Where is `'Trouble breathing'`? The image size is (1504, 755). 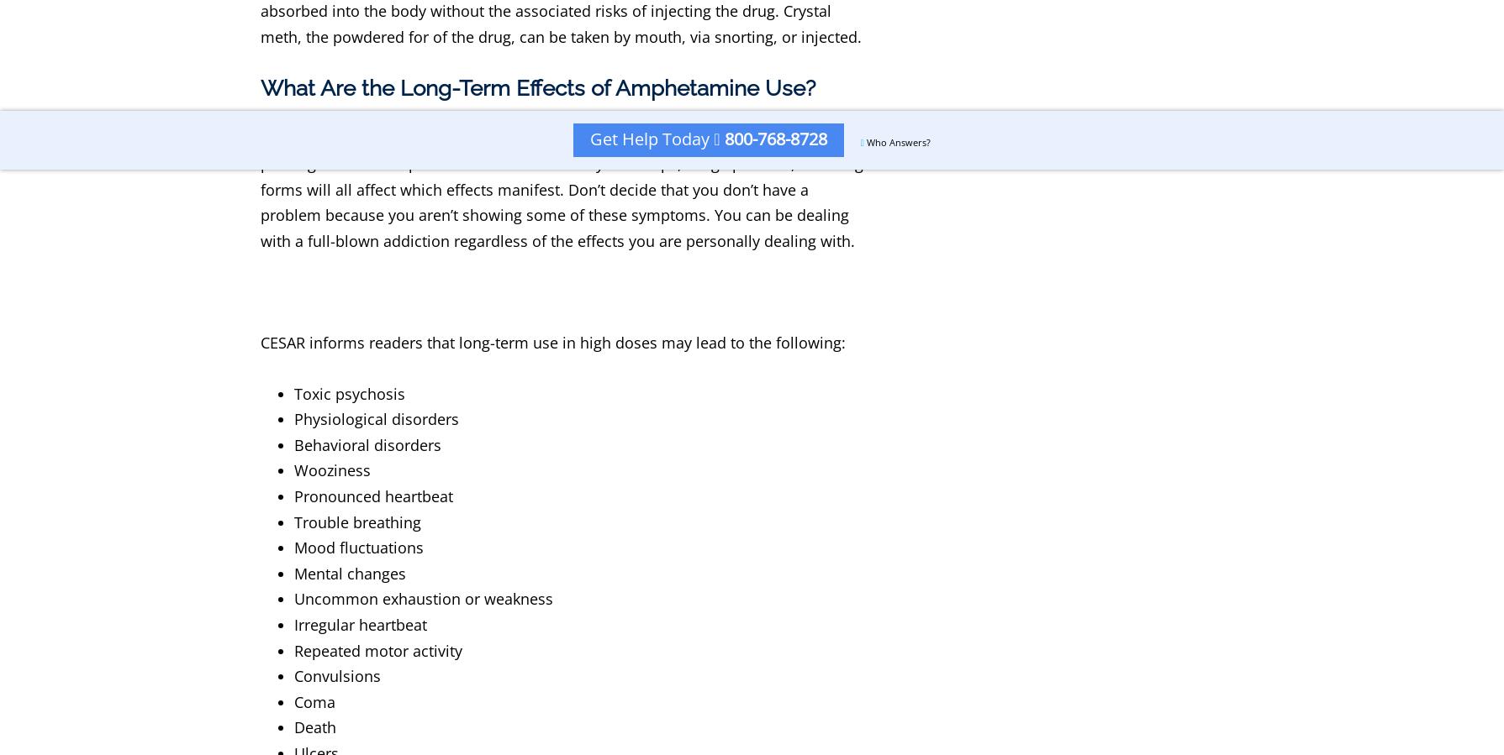 'Trouble breathing' is located at coordinates (293, 521).